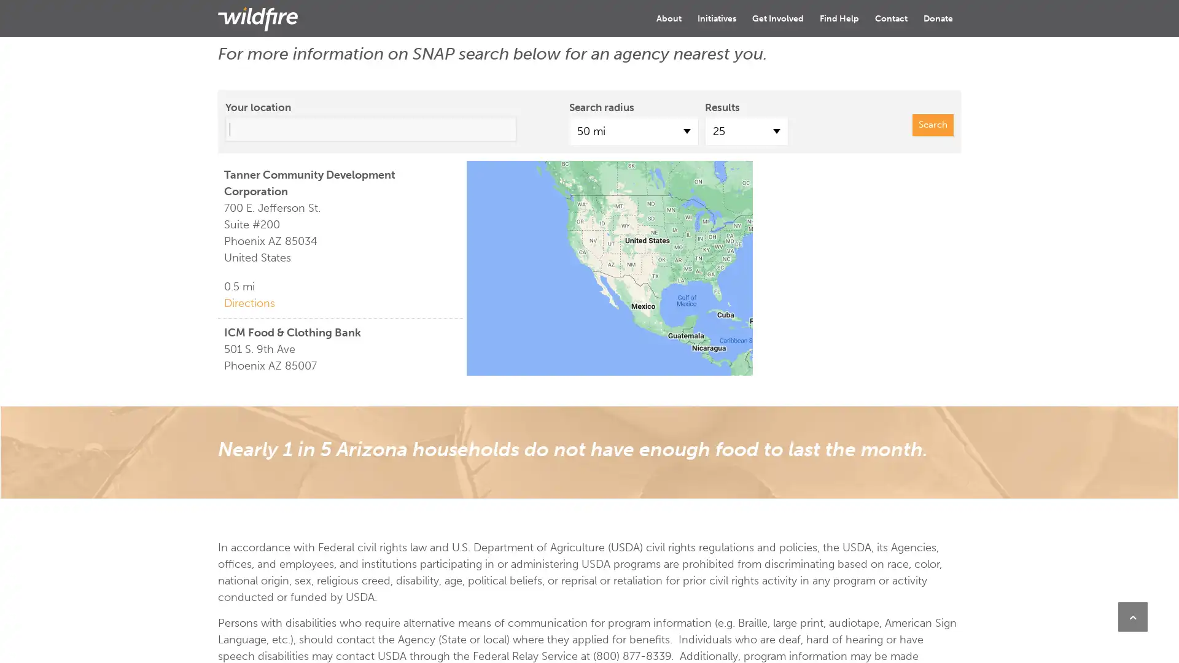  I want to click on Keogh Health Connection, so click(705, 238).